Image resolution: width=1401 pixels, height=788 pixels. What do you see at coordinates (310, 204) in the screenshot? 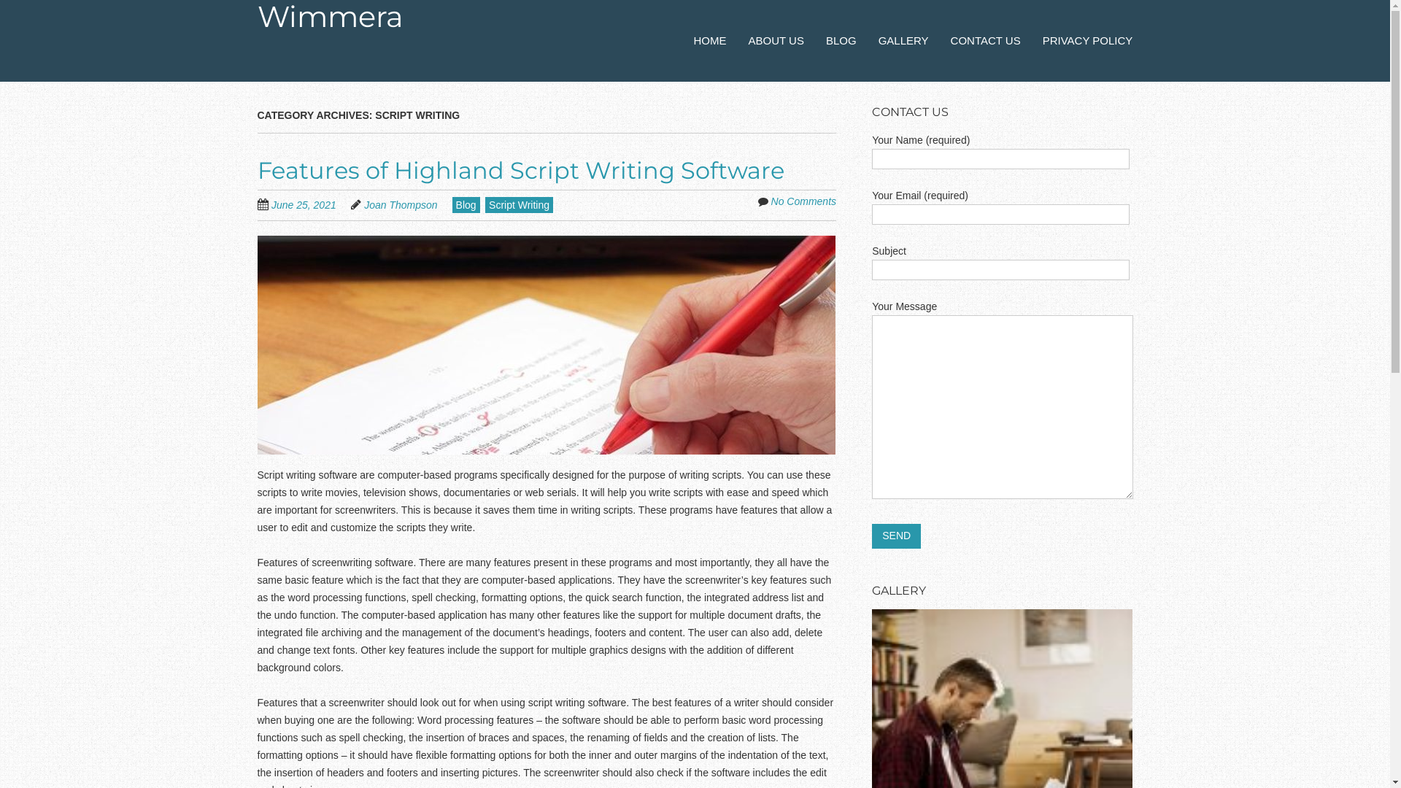
I see `'June 25, 2021'` at bounding box center [310, 204].